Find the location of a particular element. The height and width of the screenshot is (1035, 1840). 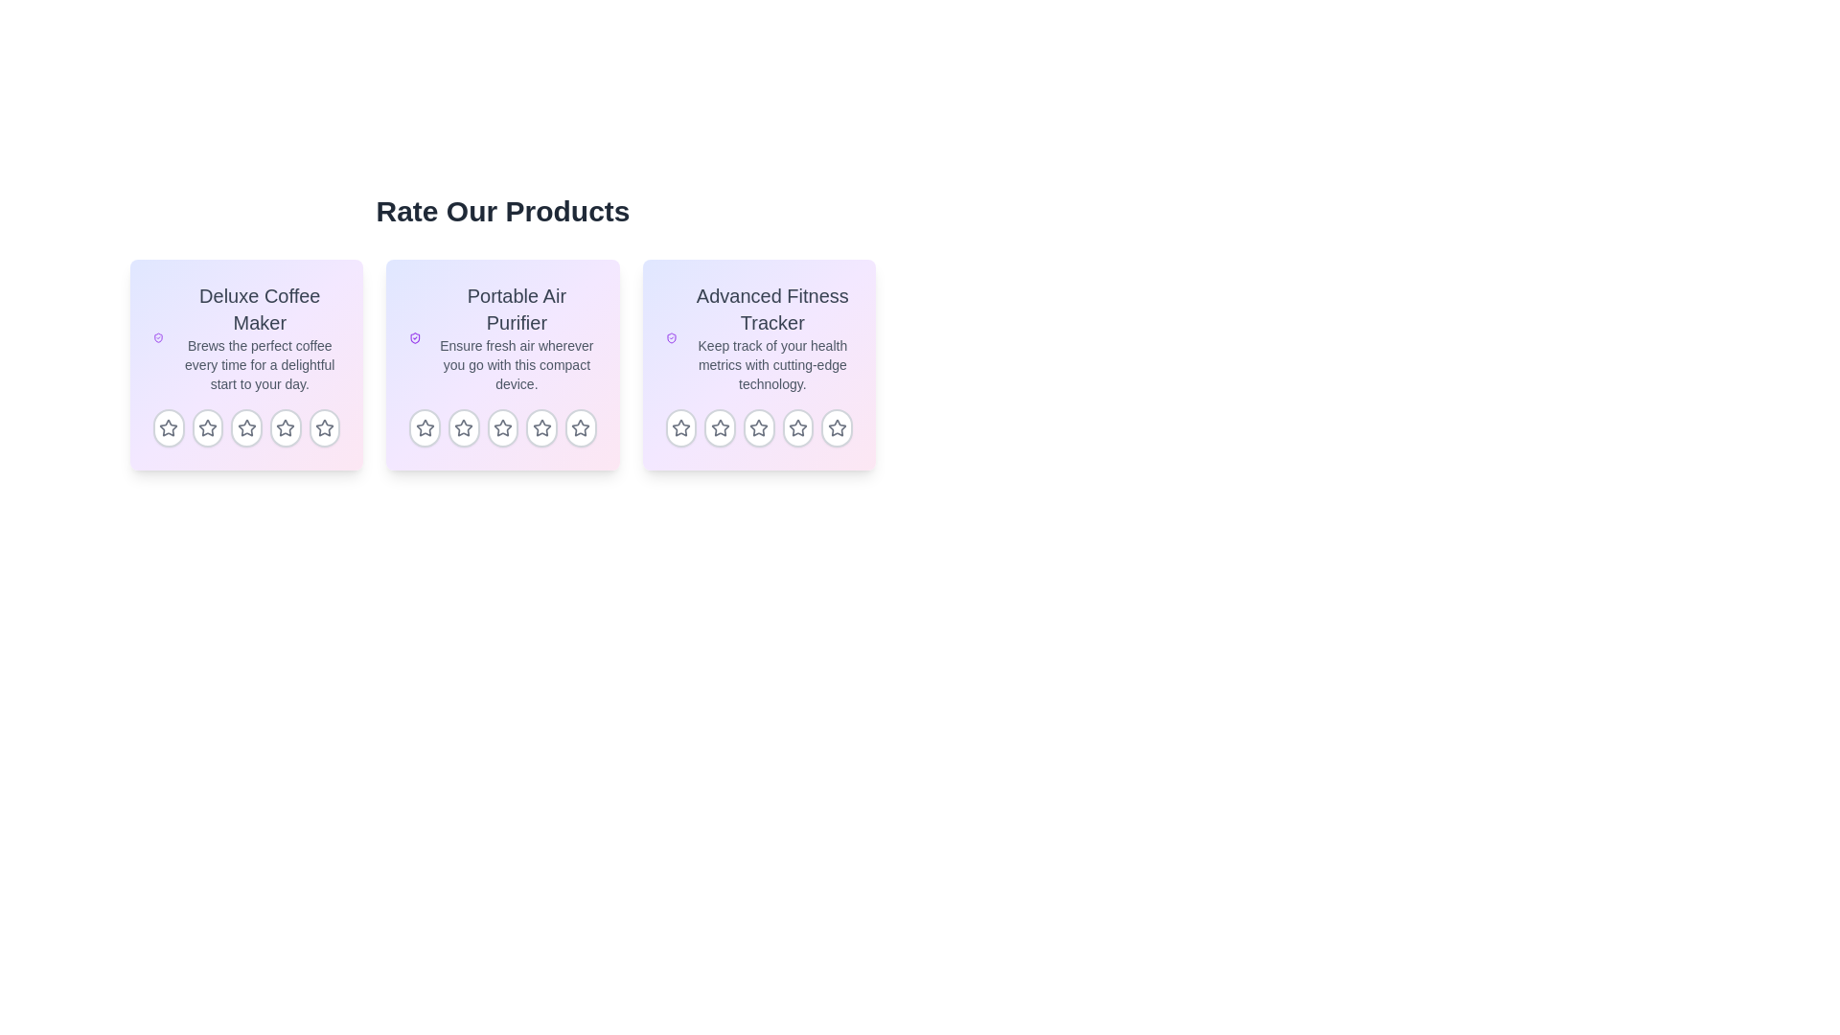

the fourth unselected rating star icon in the star-based rating system below the 'Advanced Fitness Tracker' card is located at coordinates (798, 427).